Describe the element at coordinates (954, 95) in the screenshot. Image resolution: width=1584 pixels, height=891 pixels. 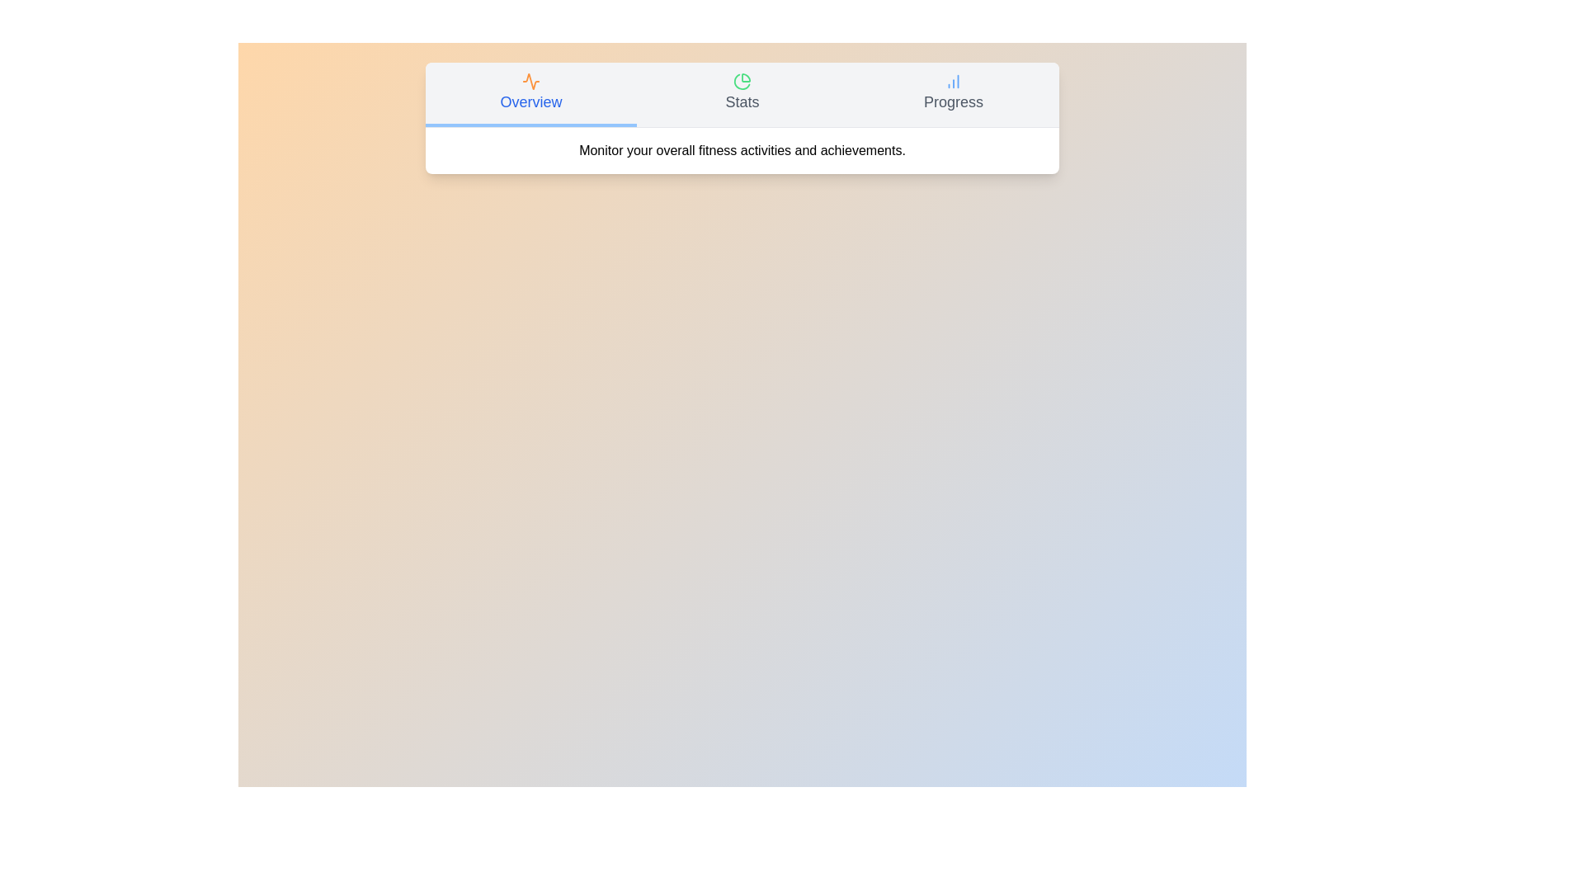
I see `the Progress tab to view its content` at that location.